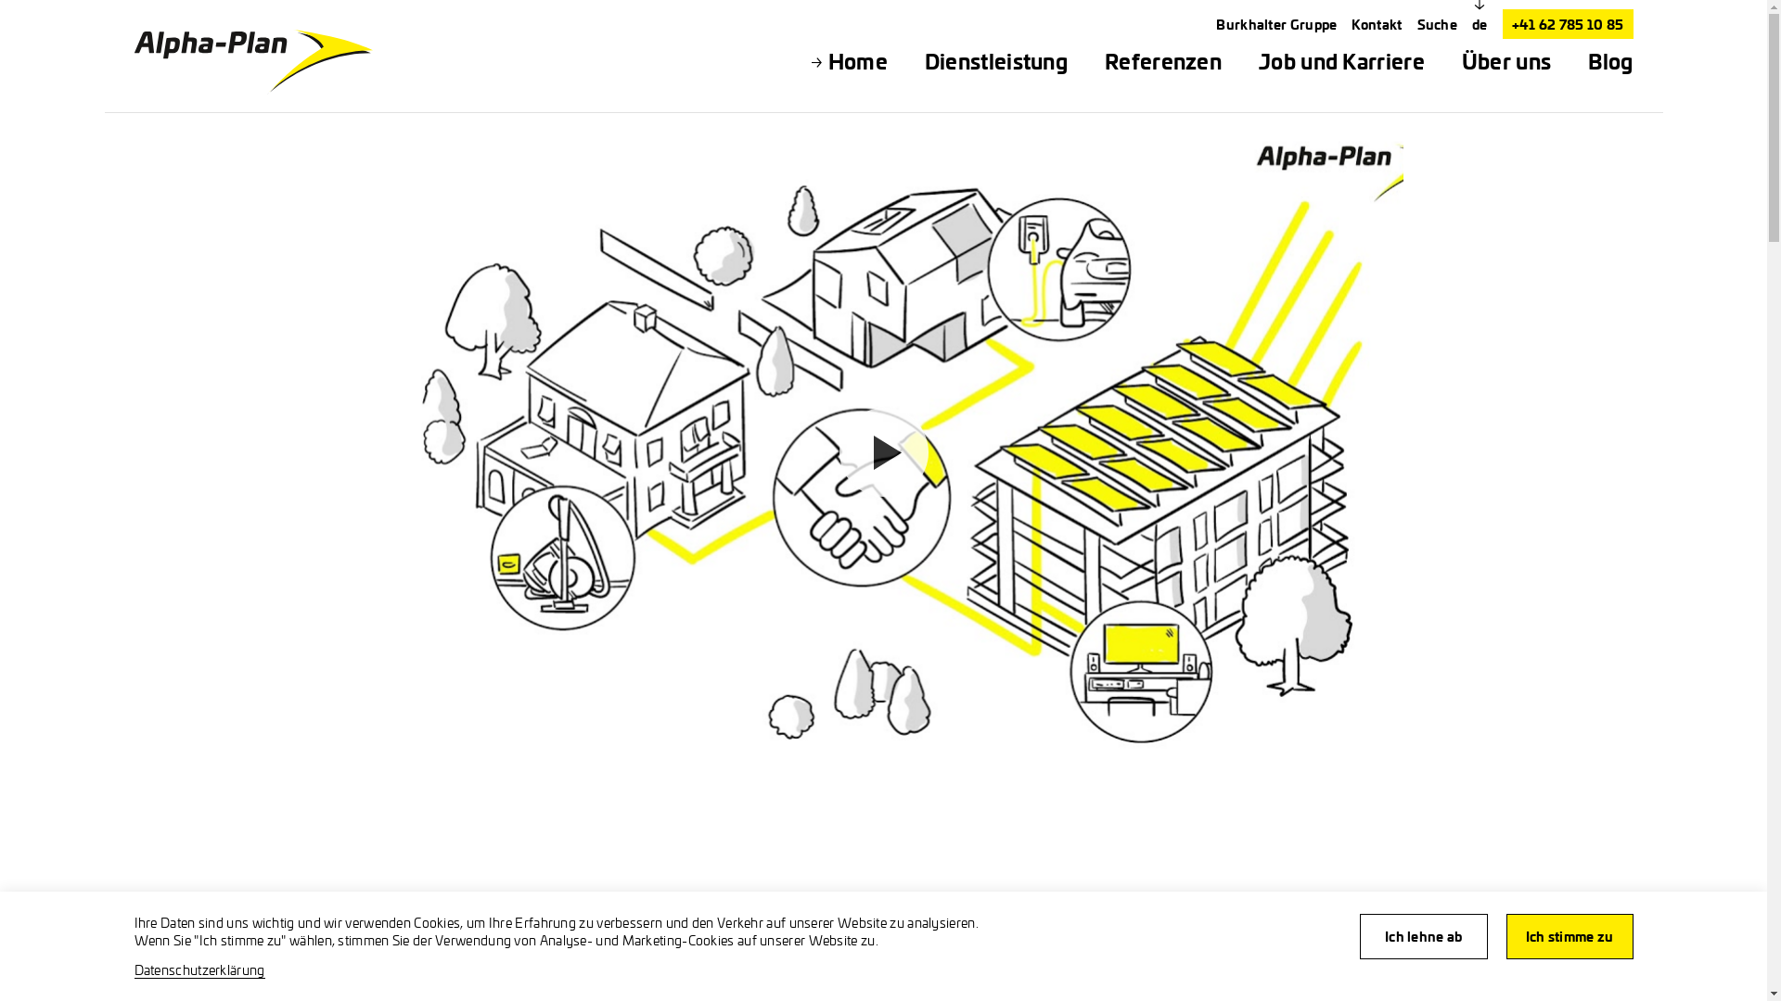  What do you see at coordinates (995, 59) in the screenshot?
I see `'Dienstleistung'` at bounding box center [995, 59].